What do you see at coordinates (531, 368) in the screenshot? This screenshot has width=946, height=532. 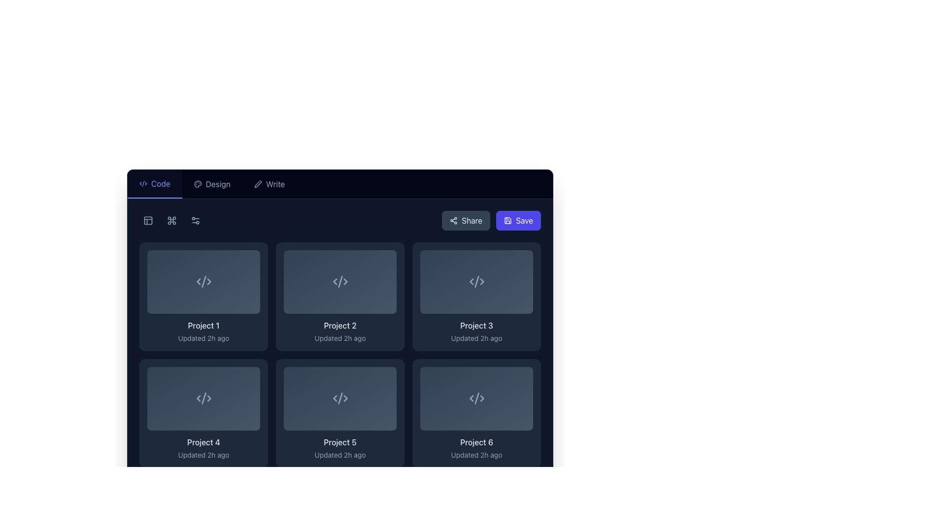 I see `the interactive control button located at the top-right corner of the 'Project 6' card` at bounding box center [531, 368].